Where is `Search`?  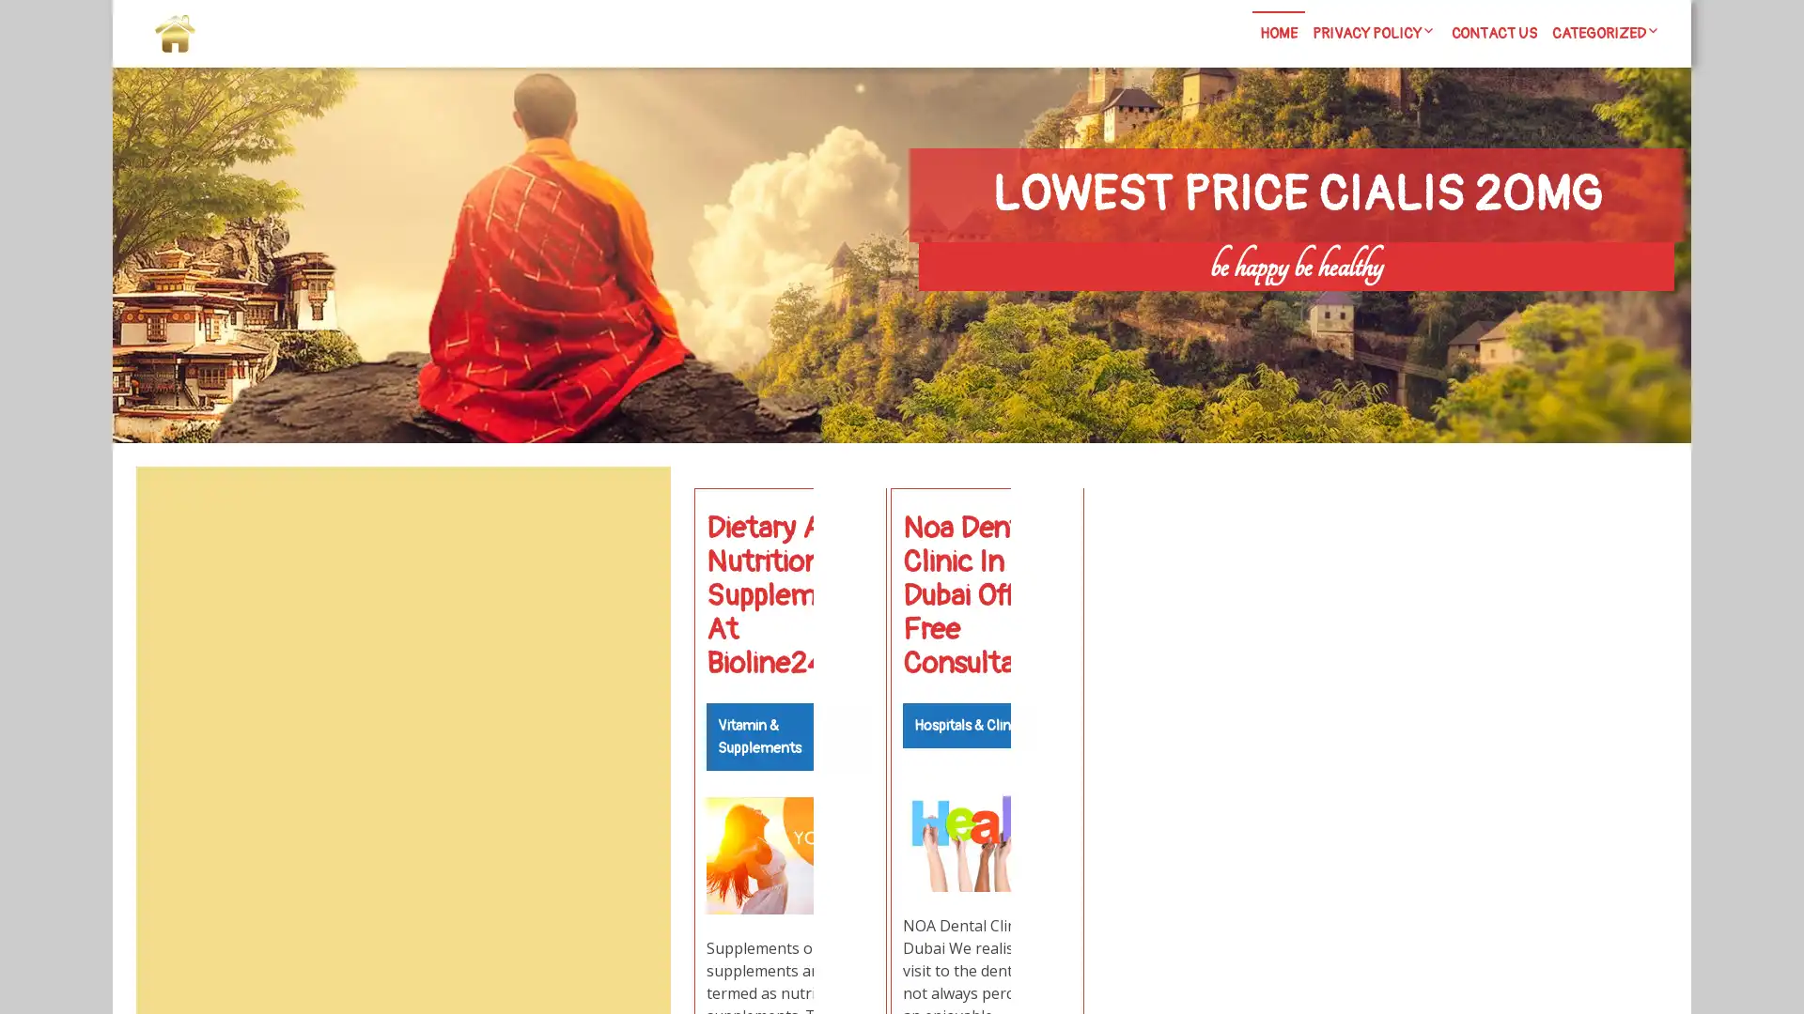 Search is located at coordinates (1463, 307).